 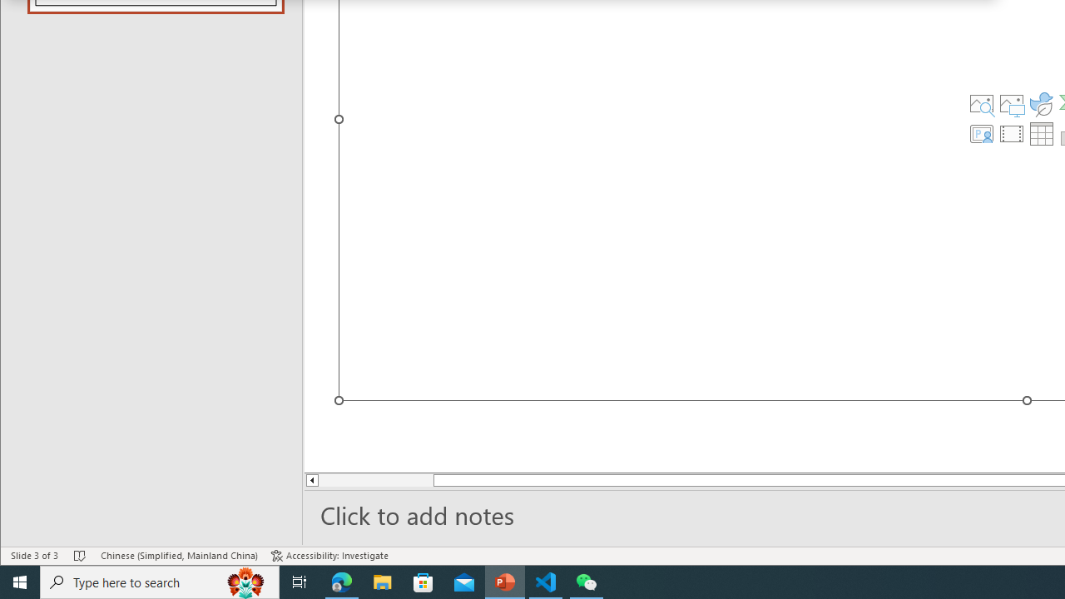 I want to click on 'Pictures', so click(x=1011, y=103).